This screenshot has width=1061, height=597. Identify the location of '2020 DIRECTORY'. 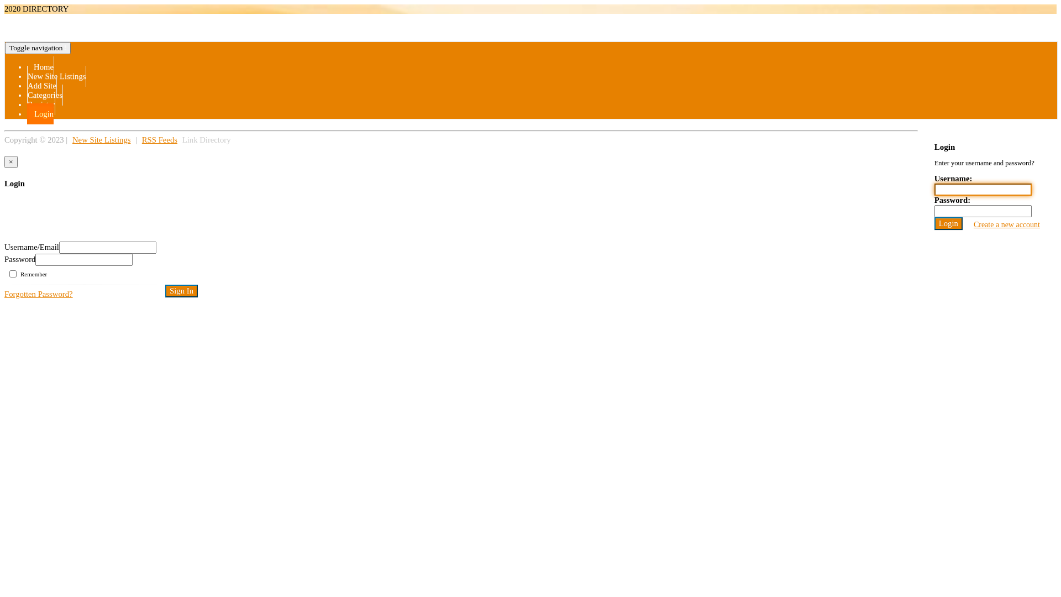
(36, 8).